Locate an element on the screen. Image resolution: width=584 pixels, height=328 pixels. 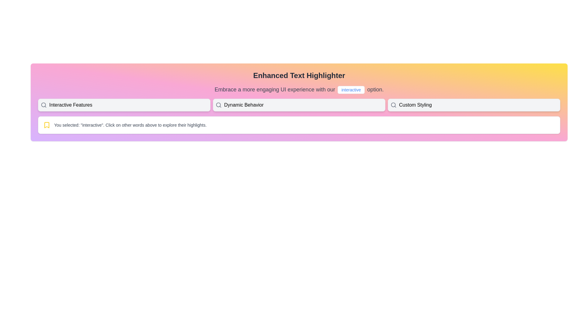
the decorative SVG circle that is part of the magnifying glass icon representing search functionality, located next to the 'Dynamic Behavior' text is located at coordinates (218, 104).